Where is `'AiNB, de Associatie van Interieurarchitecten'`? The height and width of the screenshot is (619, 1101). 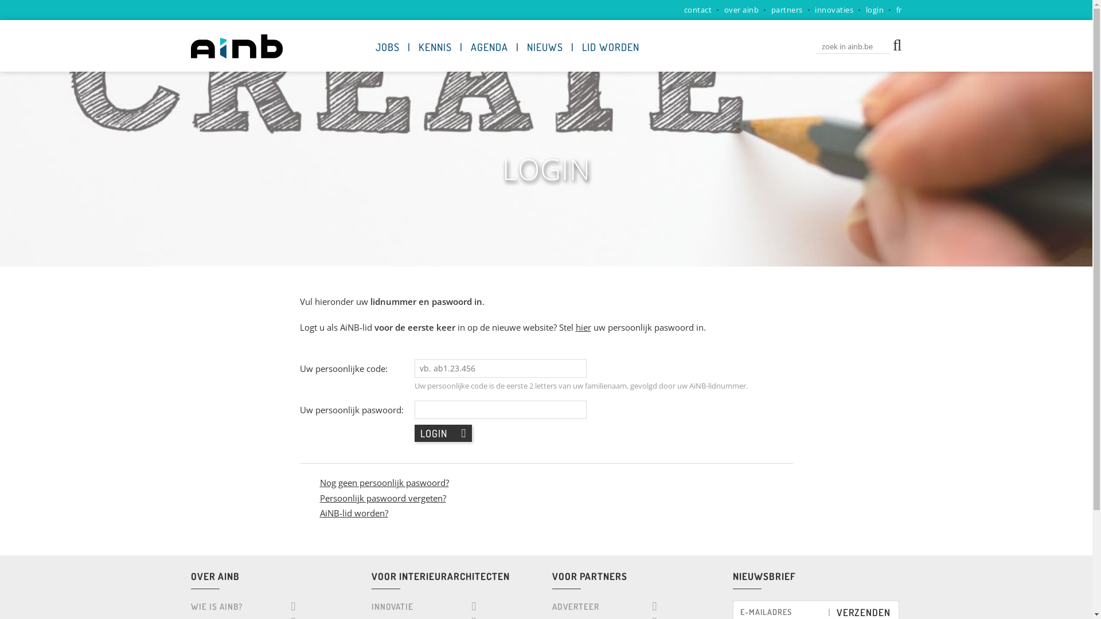
'AiNB, de Associatie van Interieurarchitecten' is located at coordinates (236, 46).